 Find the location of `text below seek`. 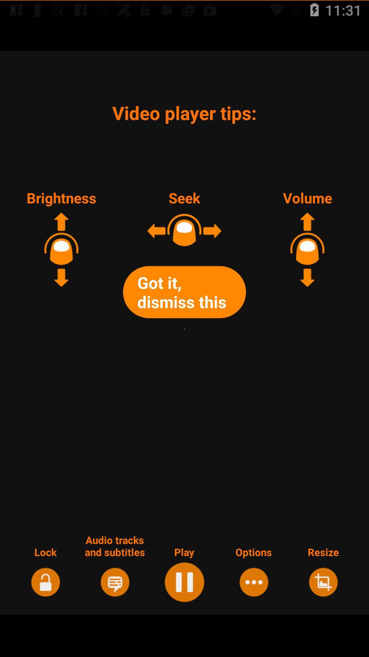

text below seek is located at coordinates (184, 291).